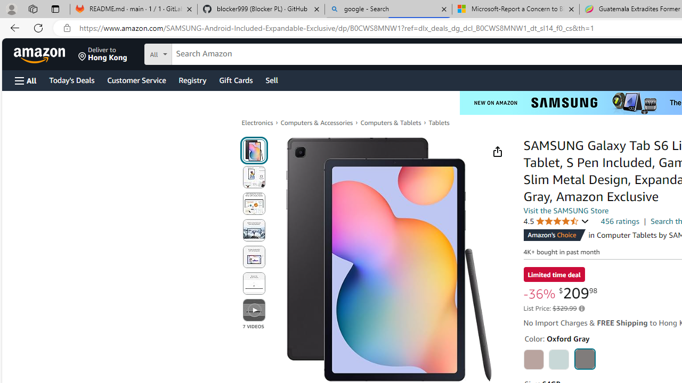 Image resolution: width=682 pixels, height=383 pixels. Describe the element at coordinates (533, 359) in the screenshot. I see `'Chiffon Pink'` at that location.